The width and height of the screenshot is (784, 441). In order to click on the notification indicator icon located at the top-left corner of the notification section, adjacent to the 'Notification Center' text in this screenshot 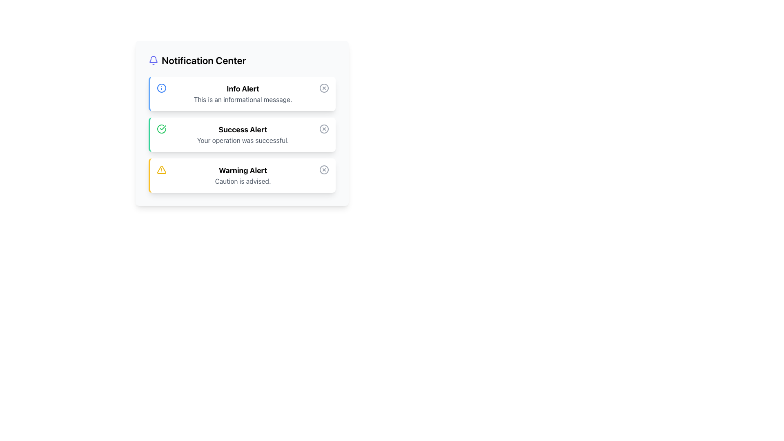, I will do `click(153, 60)`.